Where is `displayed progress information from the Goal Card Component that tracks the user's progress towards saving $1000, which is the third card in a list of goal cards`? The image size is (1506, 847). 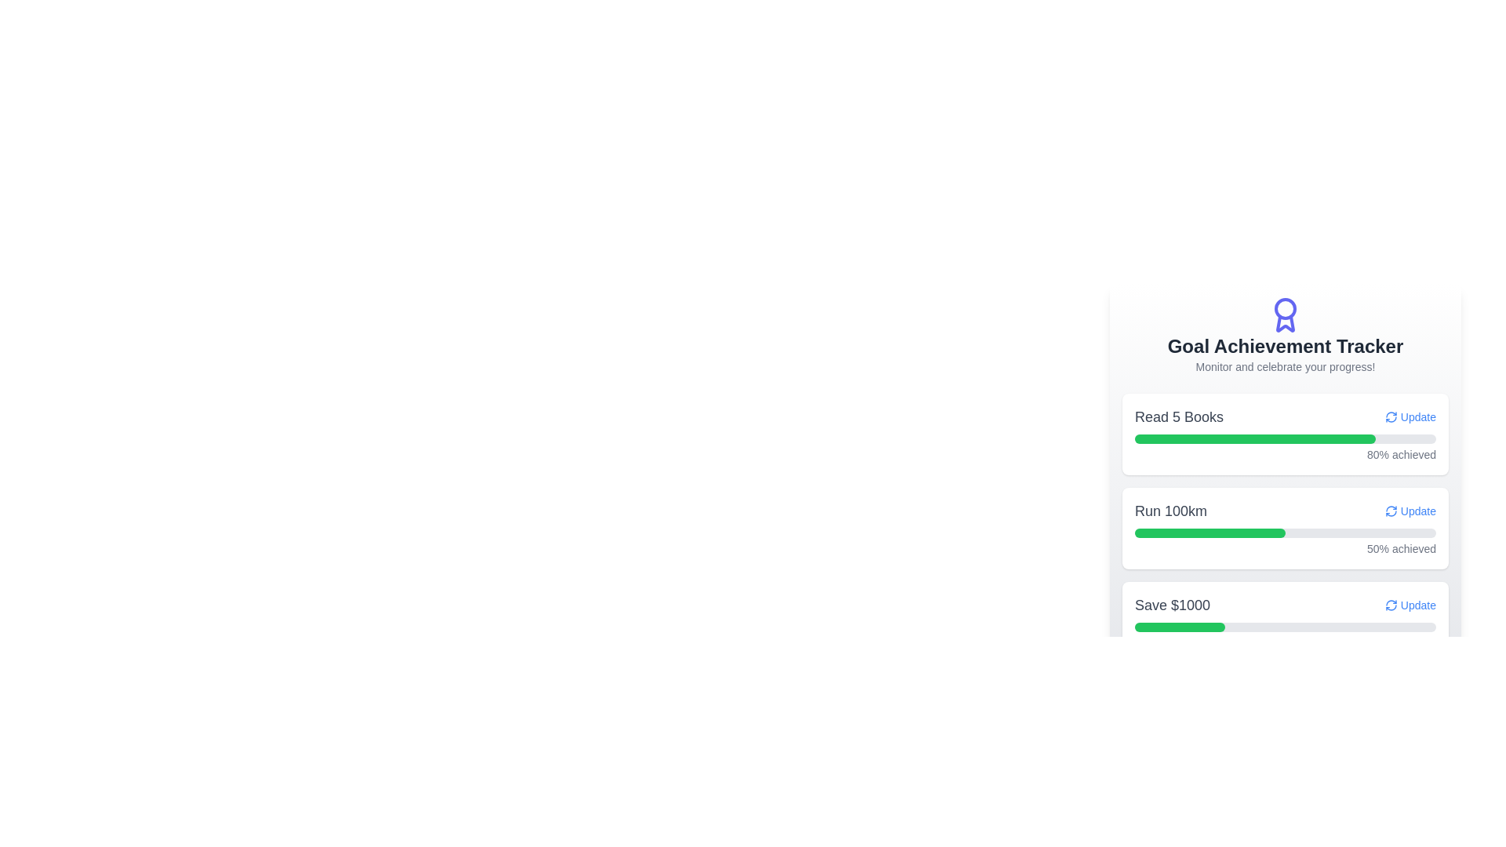 displayed progress information from the Goal Card Component that tracks the user's progress towards saving $1000, which is the third card in a list of goal cards is located at coordinates (1285, 622).